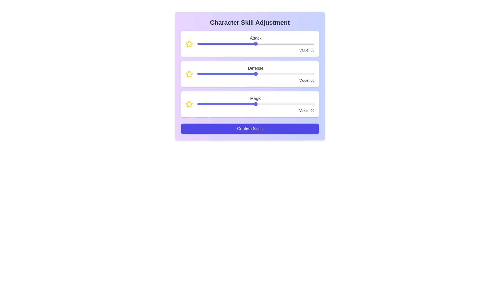  I want to click on the 1 slider to 39, so click(278, 74).